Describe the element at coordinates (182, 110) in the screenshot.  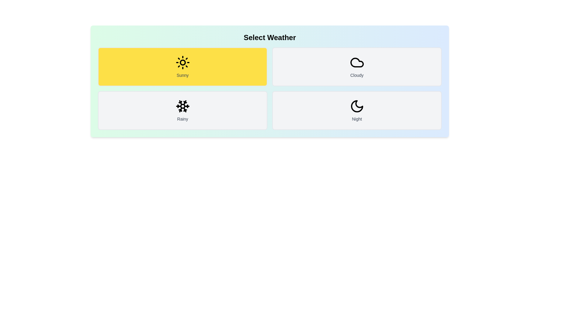
I see `the weather type by clicking on the button corresponding to Rainy` at that location.